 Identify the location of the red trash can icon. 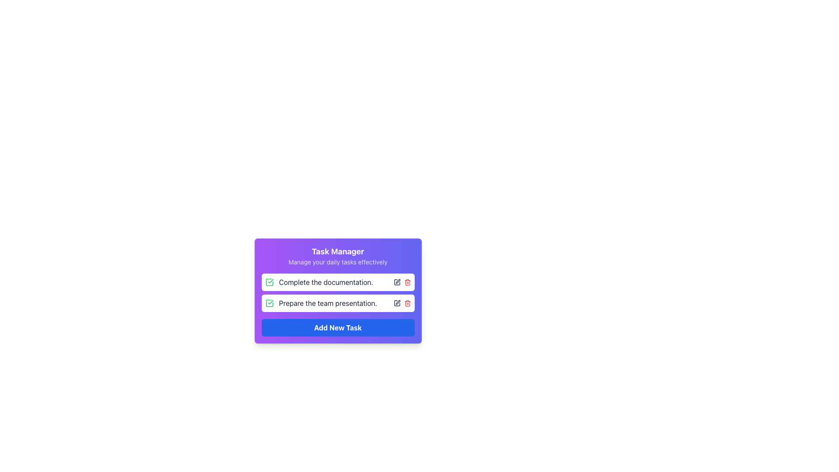
(407, 282).